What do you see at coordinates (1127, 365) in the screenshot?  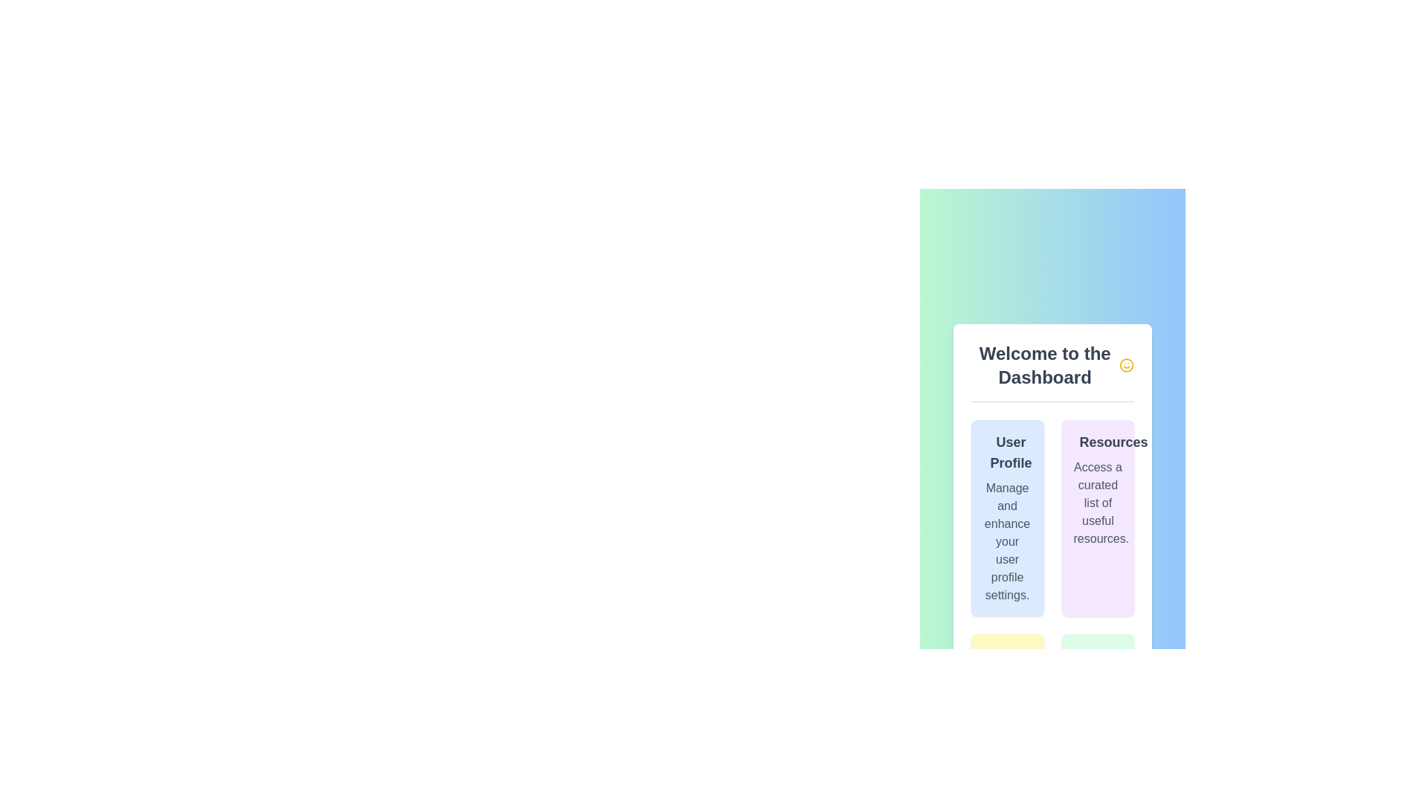 I see `the minimalist smiley face icon, which is yellow and located to the right of the 'Welcome to the Dashboard' heading` at bounding box center [1127, 365].